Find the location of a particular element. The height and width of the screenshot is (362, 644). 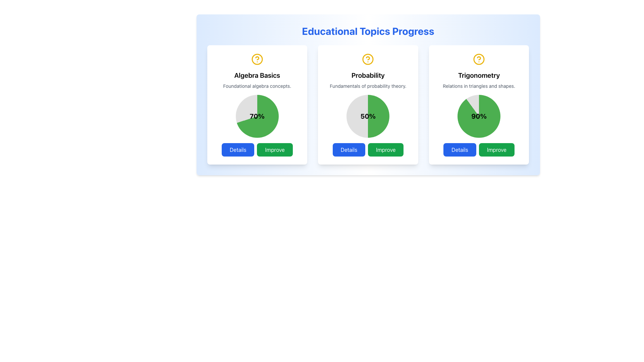

the 'Details' button, which is a rectangular button with a blue background and rounded edges, located to the left of the 'Improve' button in the 'Probability' section of the educational topic cards is located at coordinates (349, 149).